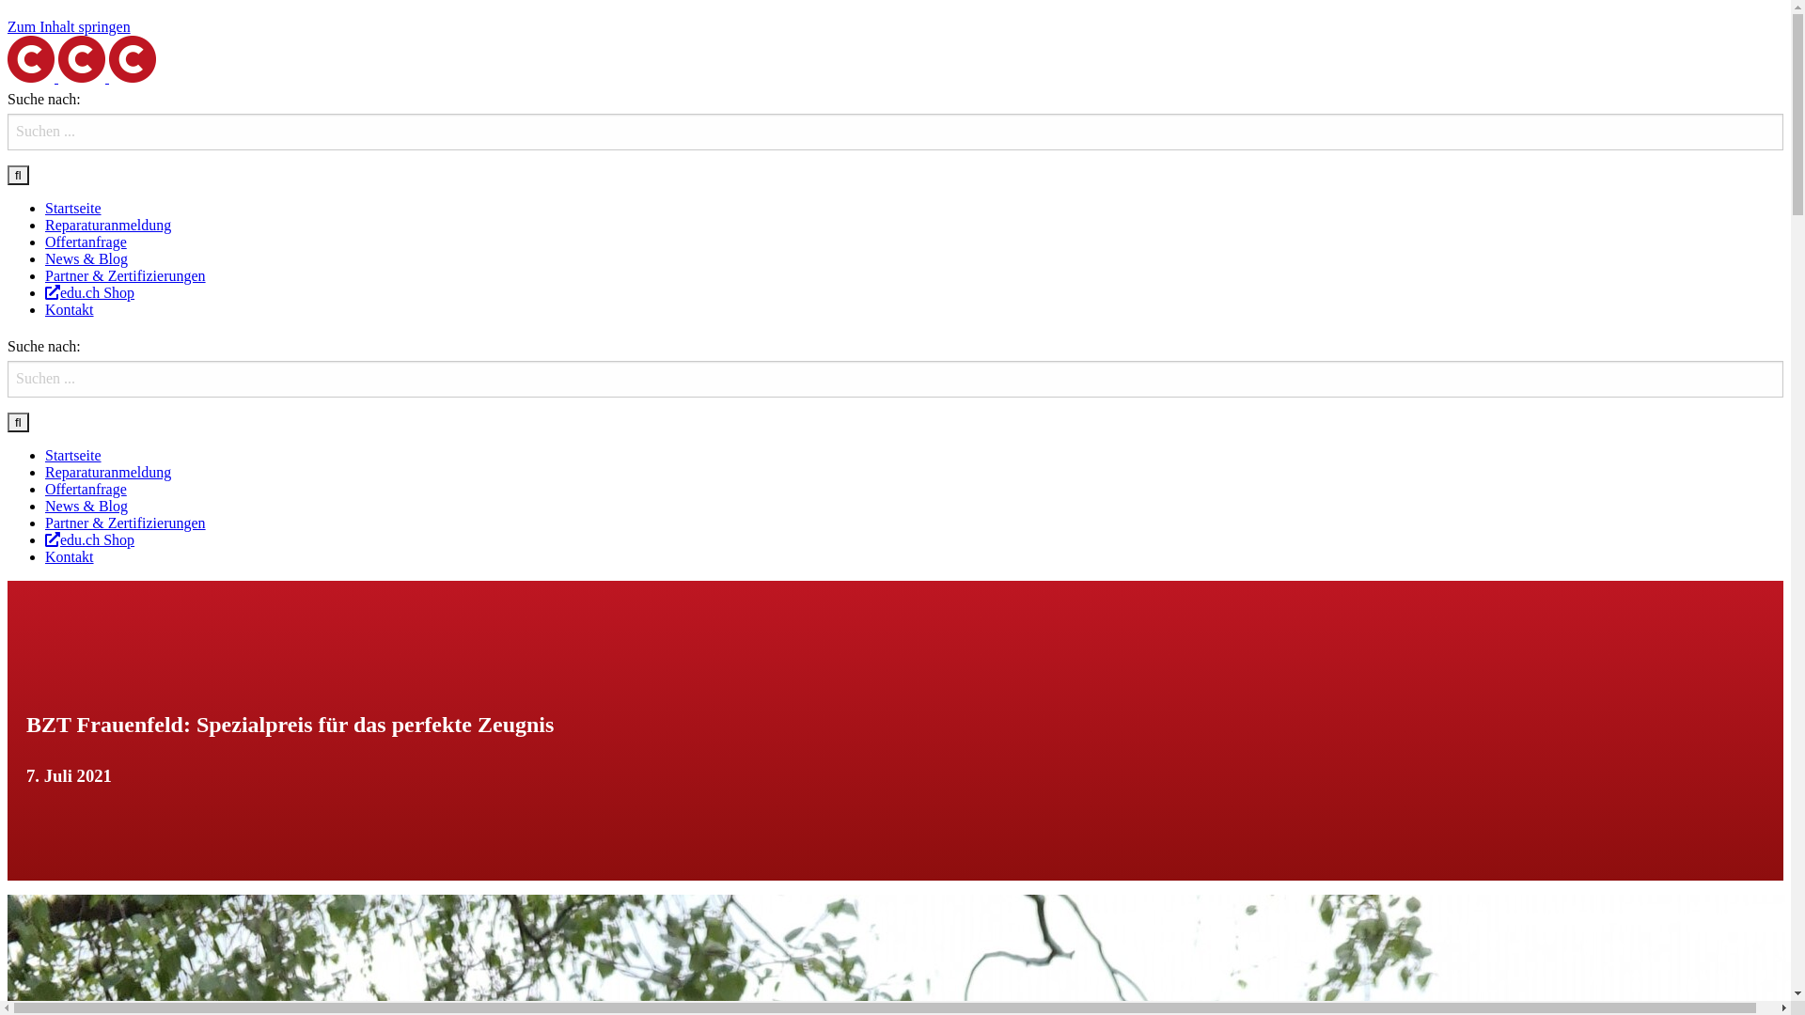 The height and width of the screenshot is (1015, 1805). Describe the element at coordinates (72, 208) in the screenshot. I see `'Startseite'` at that location.